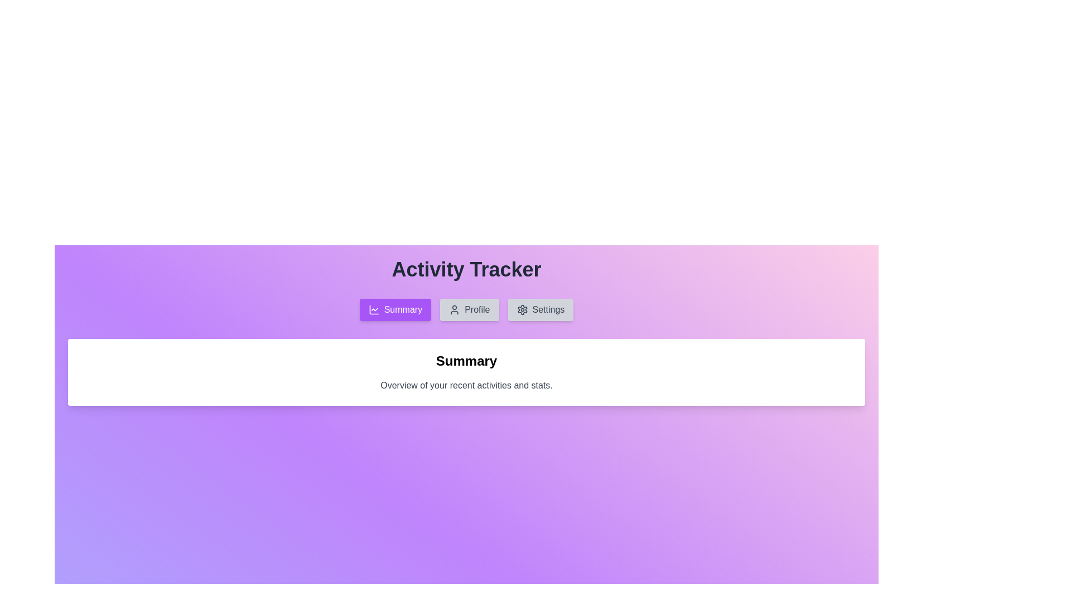 The width and height of the screenshot is (1071, 602). I want to click on the Profile tab by clicking on its respective button, so click(469, 309).